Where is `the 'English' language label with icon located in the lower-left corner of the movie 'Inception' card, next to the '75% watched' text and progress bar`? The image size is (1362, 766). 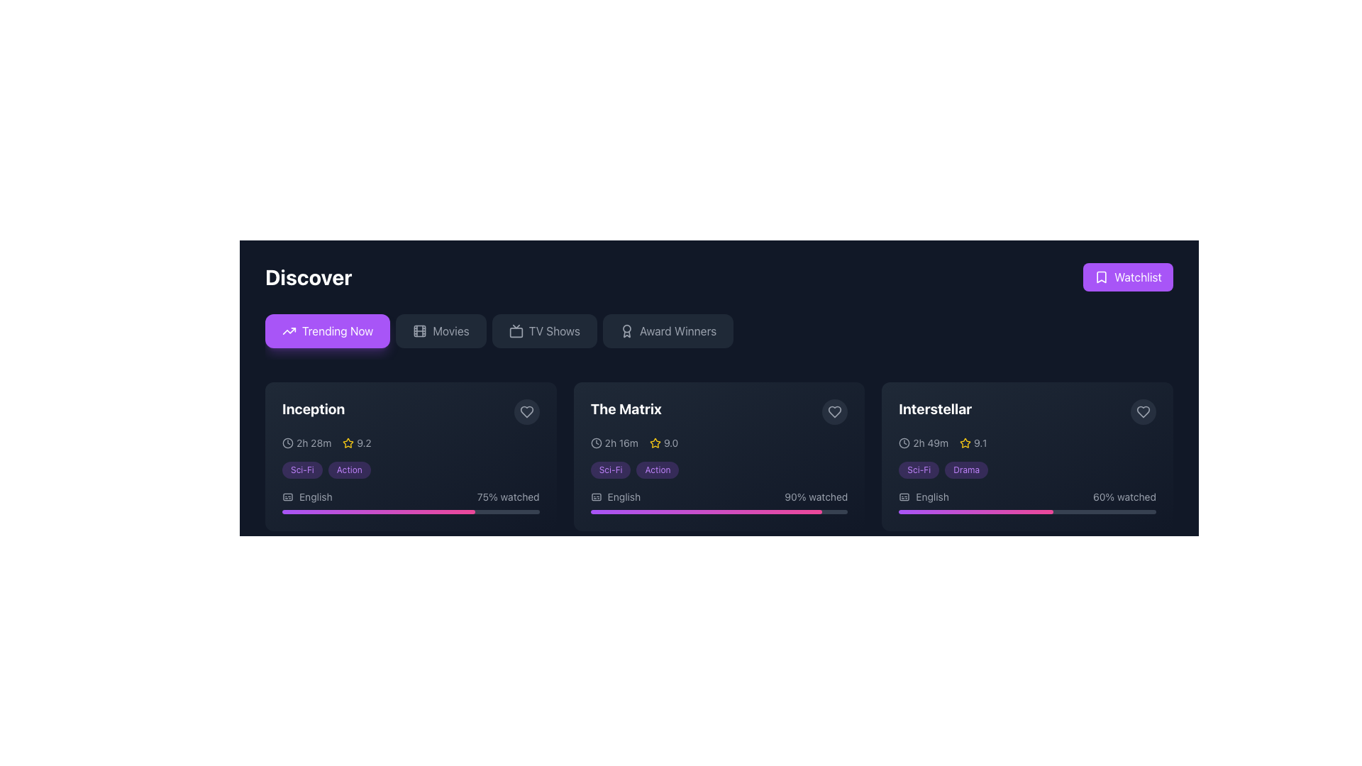
the 'English' language label with icon located in the lower-left corner of the movie 'Inception' card, next to the '75% watched' text and progress bar is located at coordinates (306, 496).